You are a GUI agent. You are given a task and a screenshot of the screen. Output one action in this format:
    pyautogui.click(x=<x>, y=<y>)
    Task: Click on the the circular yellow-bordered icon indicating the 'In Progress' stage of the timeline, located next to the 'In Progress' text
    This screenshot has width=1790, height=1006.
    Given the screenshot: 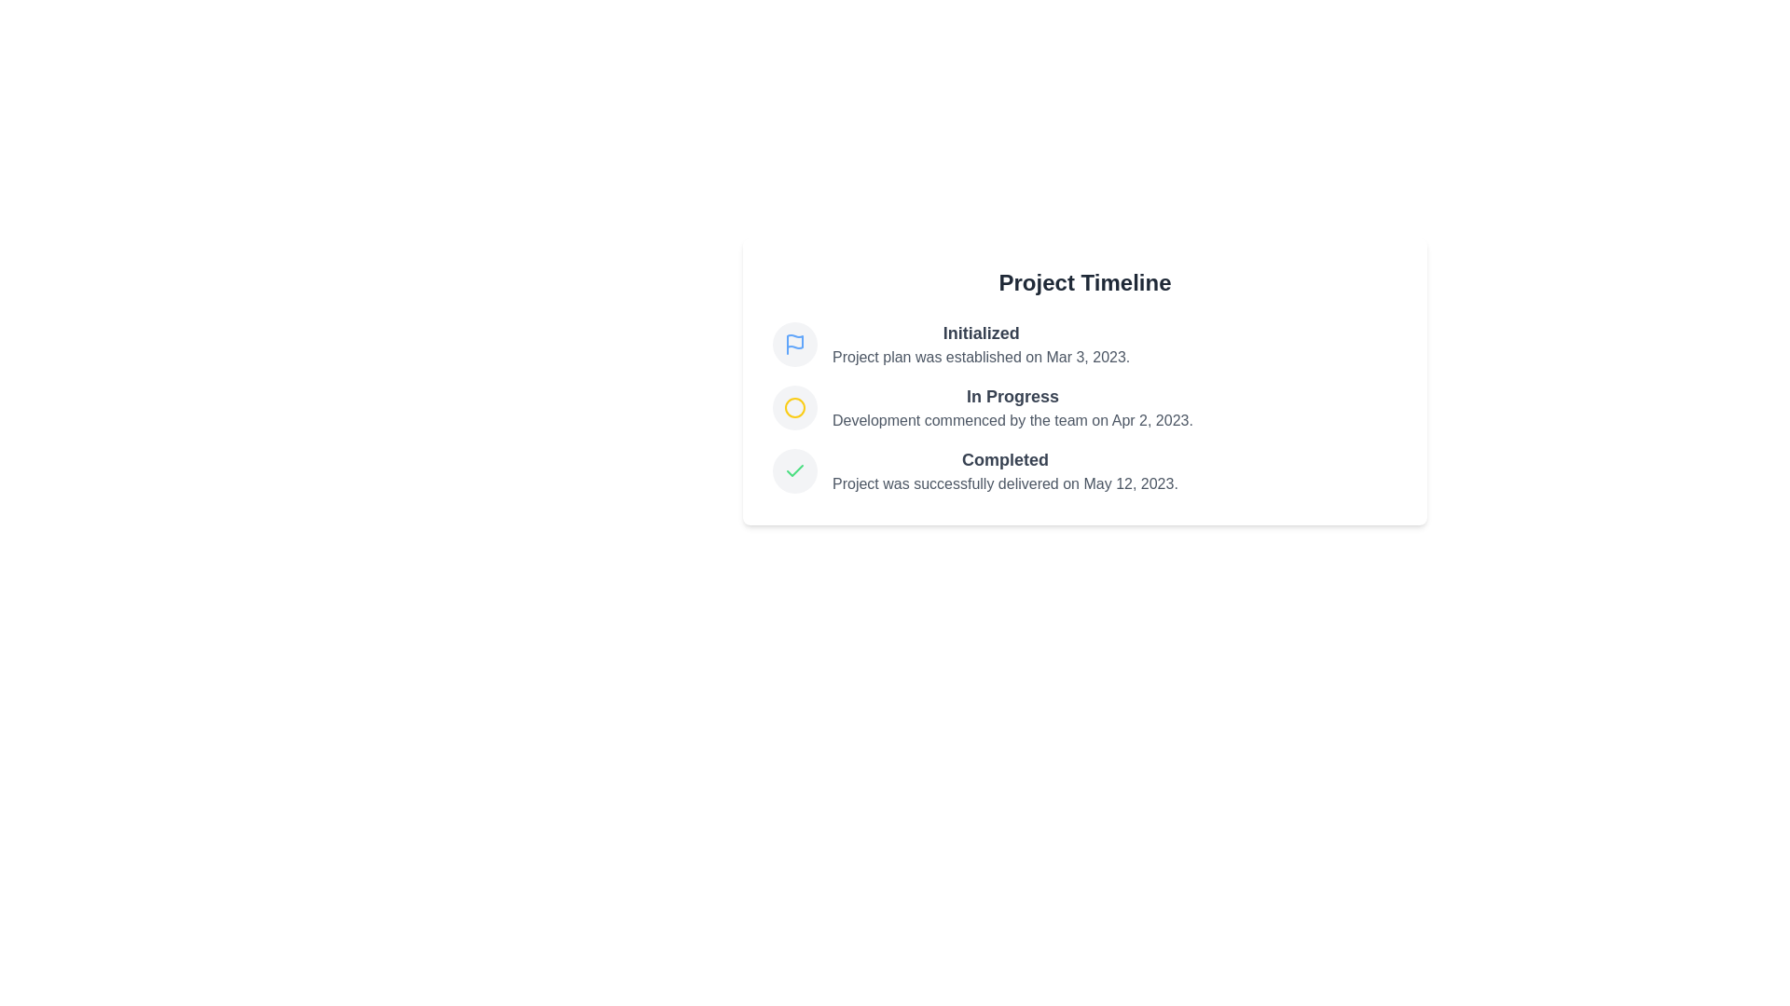 What is the action you would take?
    pyautogui.click(x=795, y=407)
    